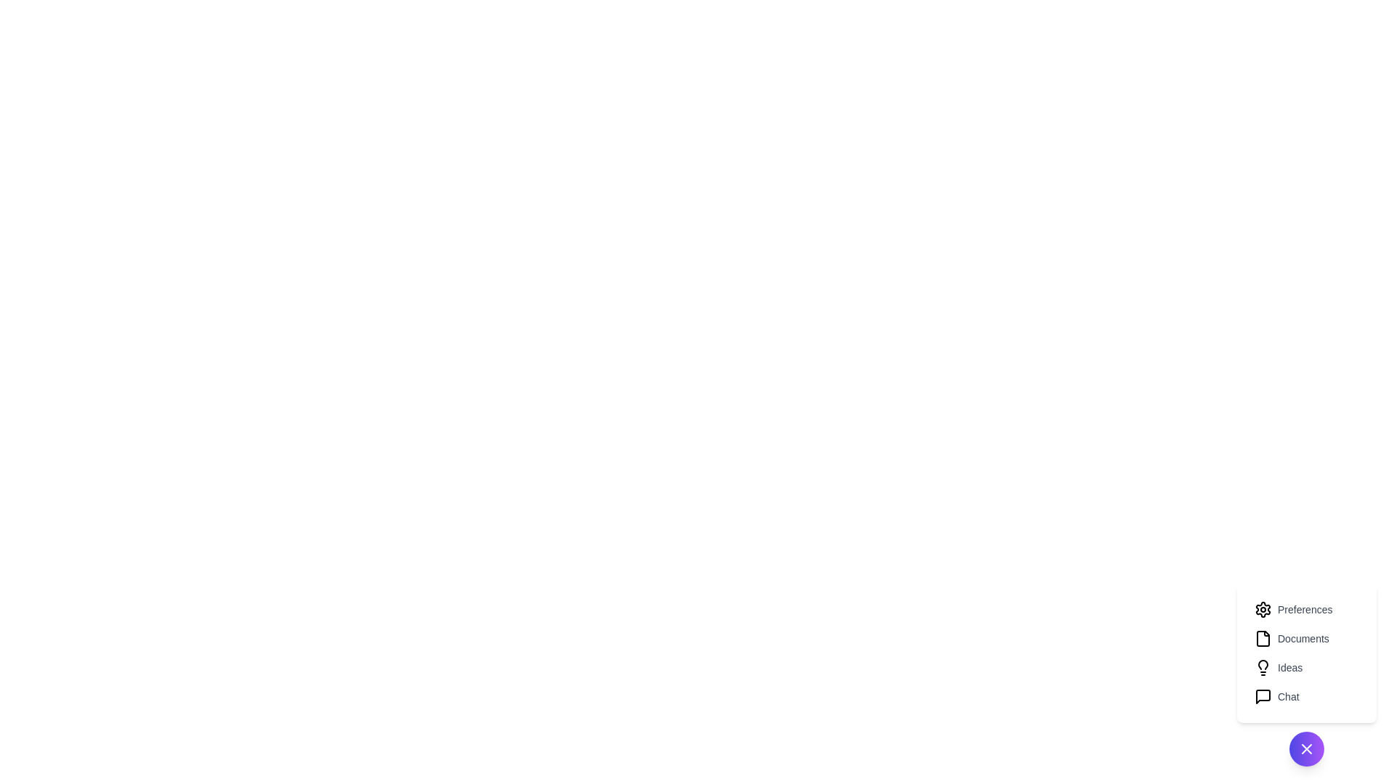 Image resolution: width=1394 pixels, height=784 pixels. What do you see at coordinates (1307, 696) in the screenshot?
I see `the menu item labeled Chat to observe its hover effect` at bounding box center [1307, 696].